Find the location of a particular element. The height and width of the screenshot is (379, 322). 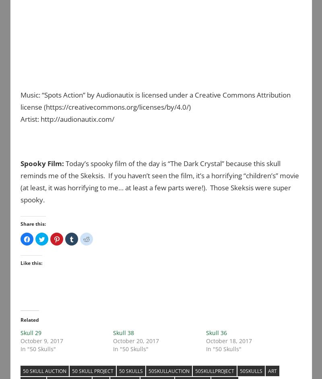

'50skullproject' is located at coordinates (214, 370).